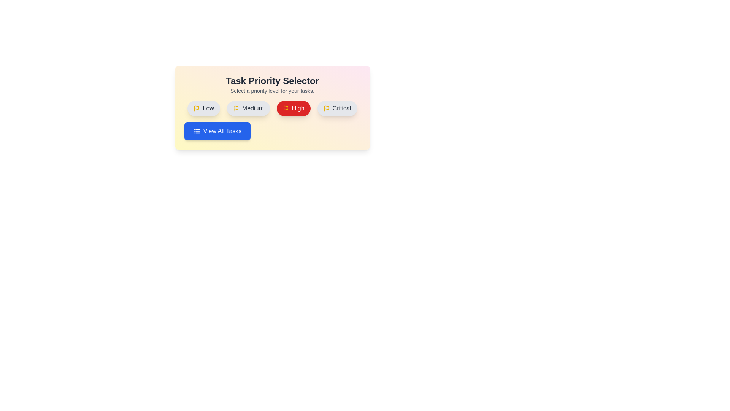  I want to click on the button corresponding to the priority level Medium, so click(248, 108).